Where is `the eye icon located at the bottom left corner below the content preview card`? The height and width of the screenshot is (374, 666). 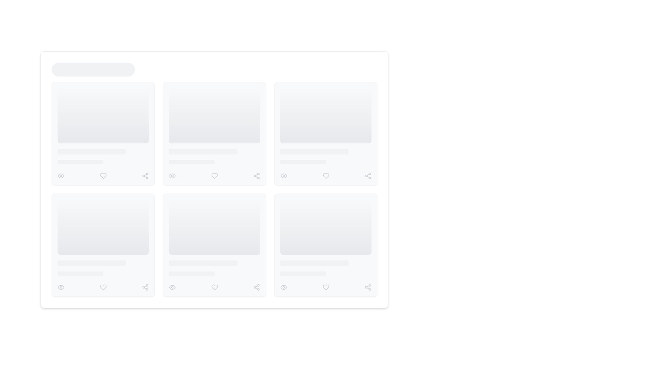 the eye icon located at the bottom left corner below the content preview card is located at coordinates (172, 287).